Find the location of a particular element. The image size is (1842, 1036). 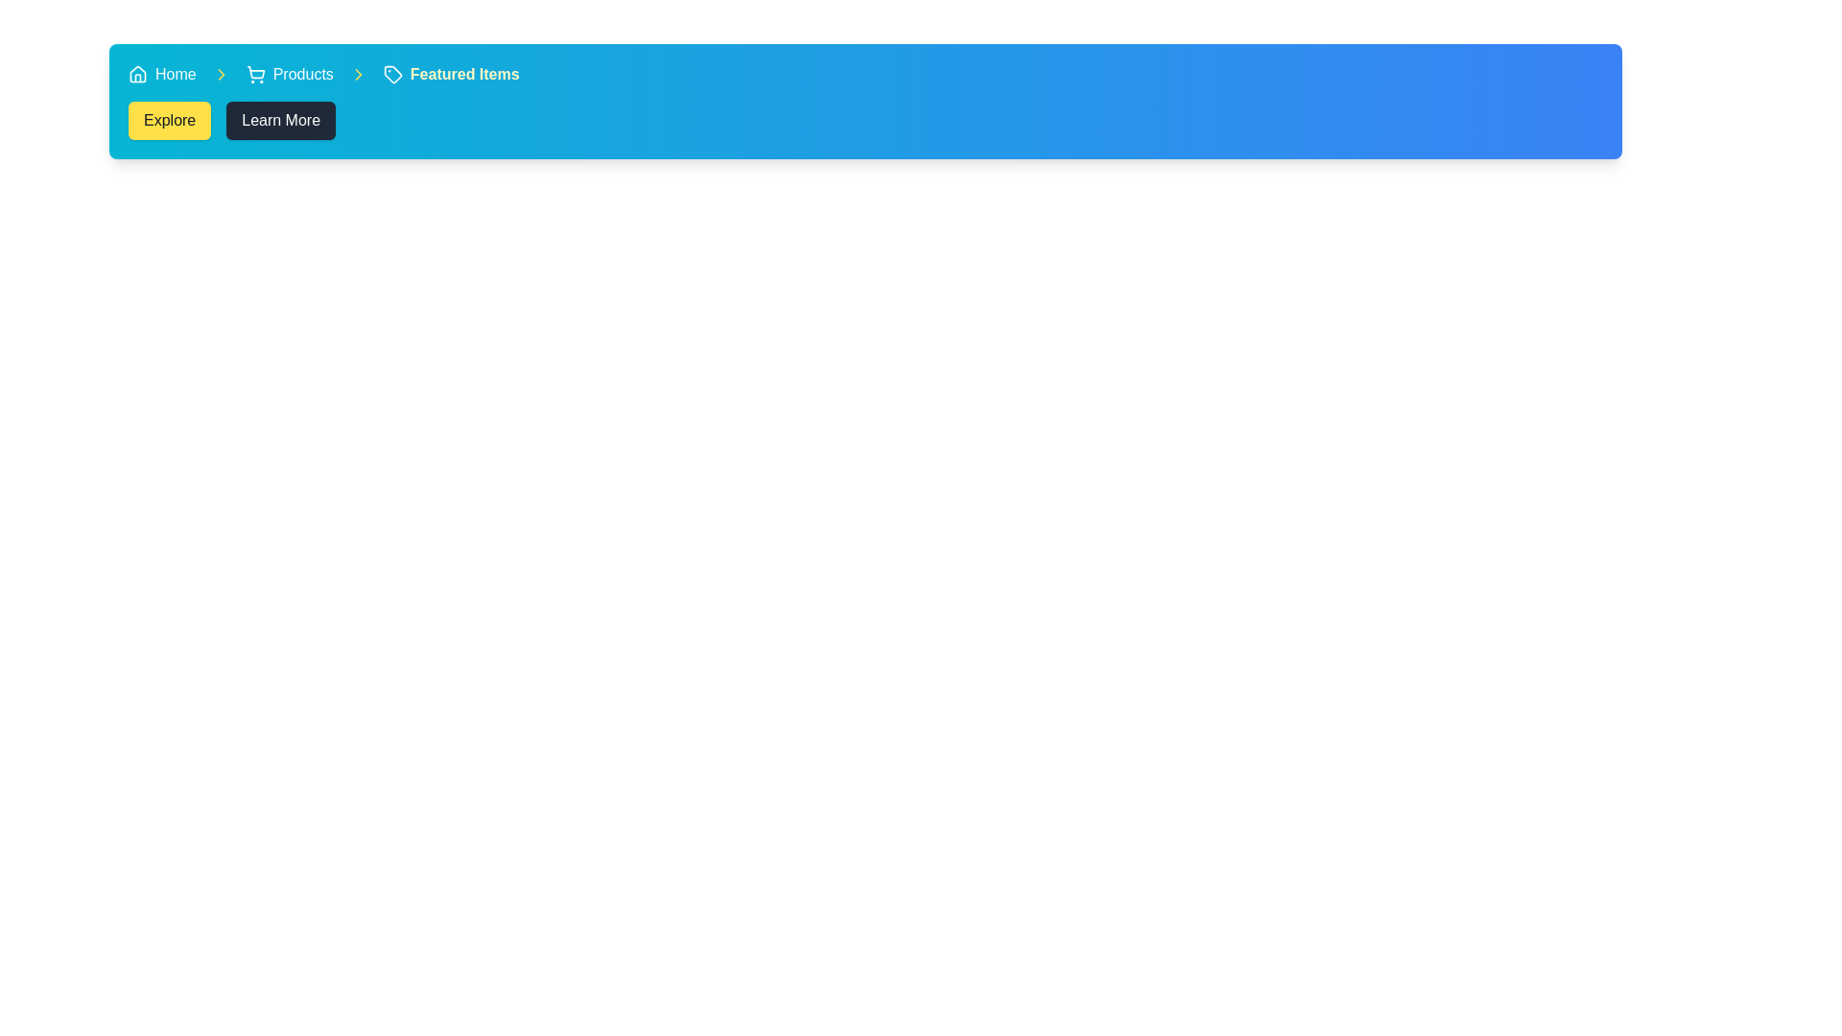

the small shopping cart icon, which is positioned to the left of the 'Products' text label in the navigation breadcrumb trail at the top of the interface is located at coordinates (254, 73).